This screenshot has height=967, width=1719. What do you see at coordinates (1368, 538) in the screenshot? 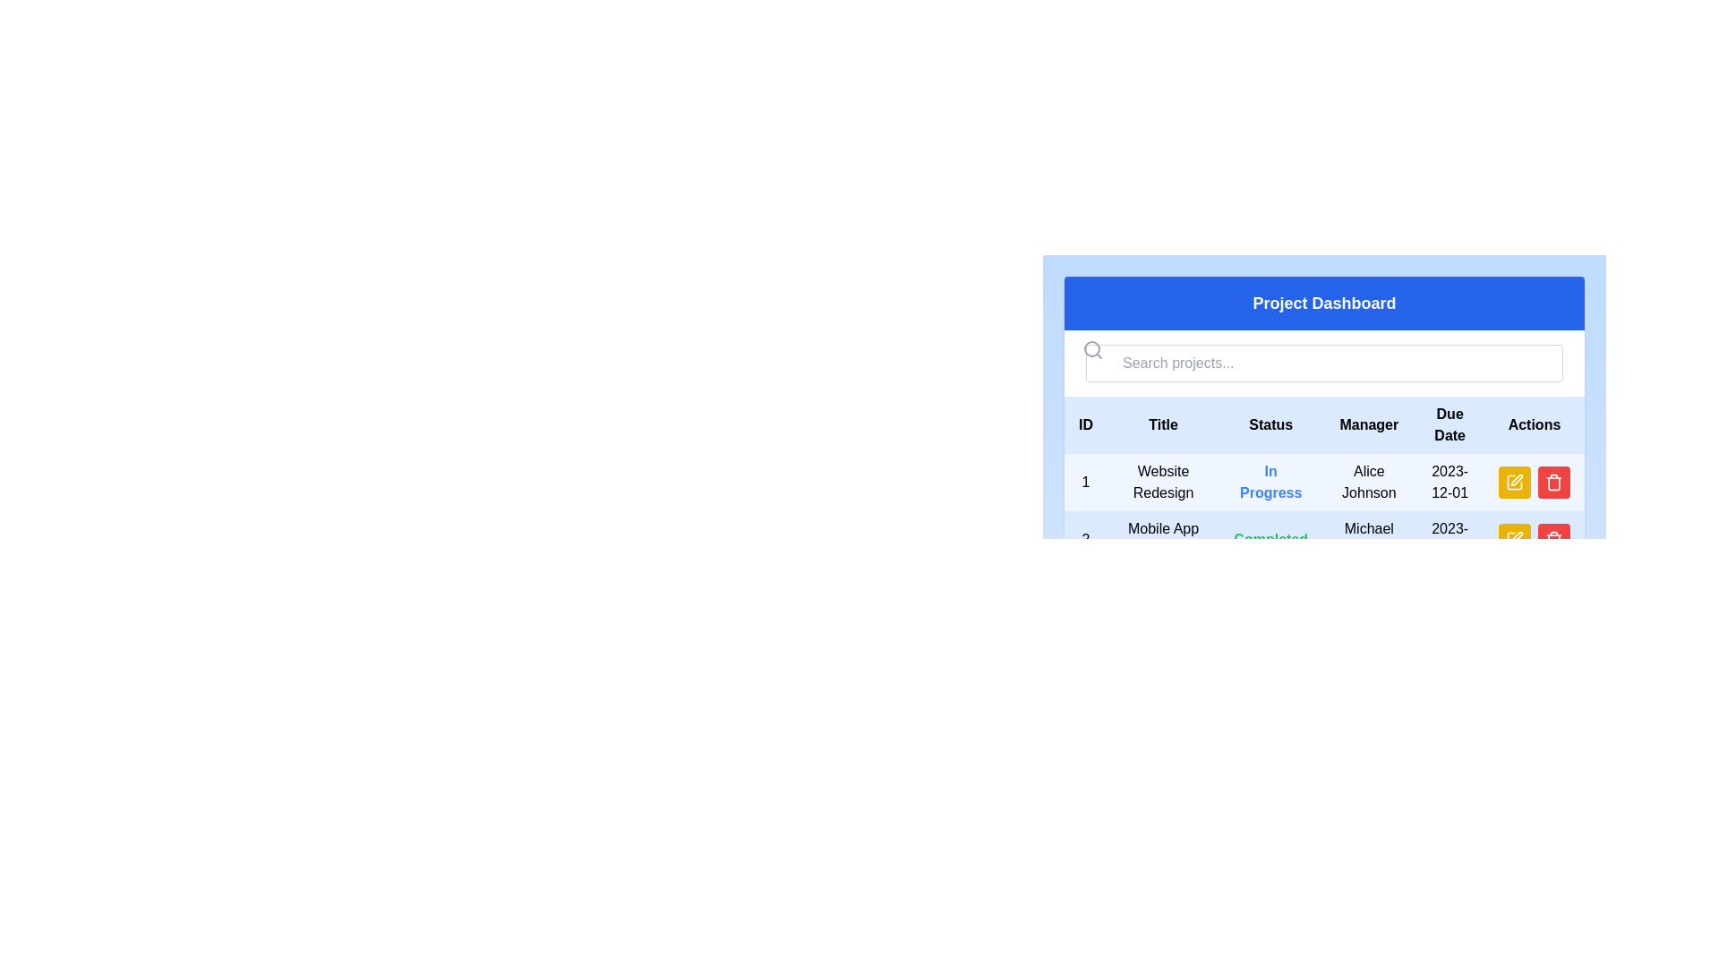
I see `the text label 'Michael Brown' which is located in the 'Manager' column of the second row of data, styled in a standard font with a dark color against a light background` at bounding box center [1368, 538].